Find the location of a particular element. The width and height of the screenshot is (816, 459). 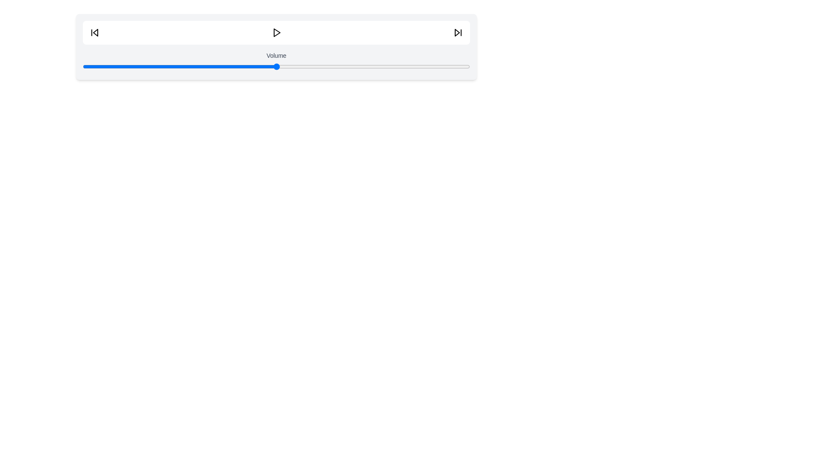

the volume level is located at coordinates (334, 66).